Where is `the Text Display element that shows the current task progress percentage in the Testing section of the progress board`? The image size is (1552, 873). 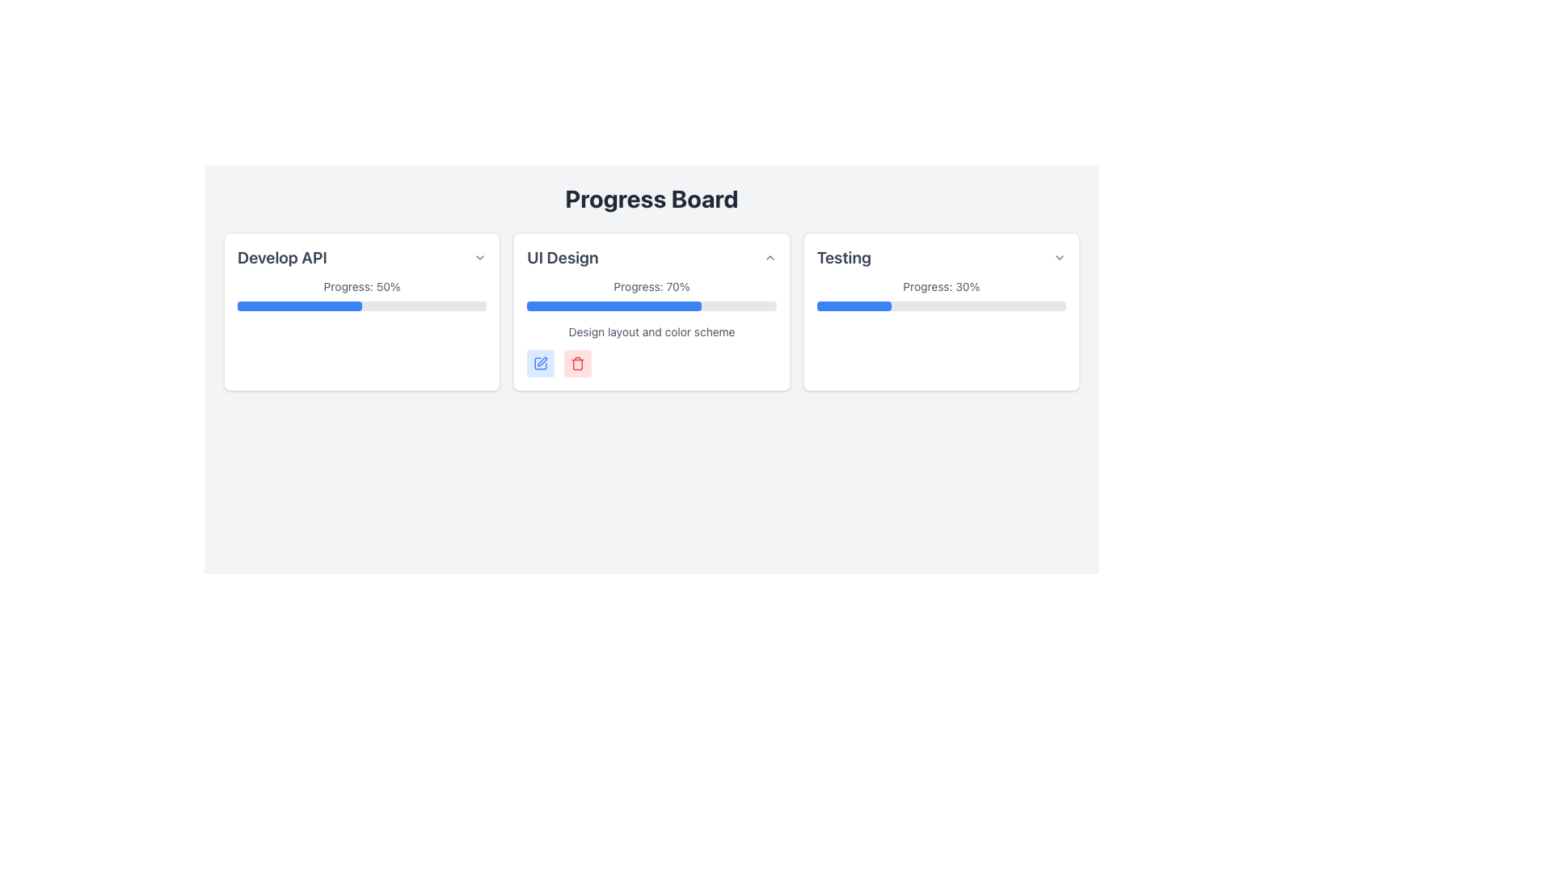 the Text Display element that shows the current task progress percentage in the Testing section of the progress board is located at coordinates (941, 285).